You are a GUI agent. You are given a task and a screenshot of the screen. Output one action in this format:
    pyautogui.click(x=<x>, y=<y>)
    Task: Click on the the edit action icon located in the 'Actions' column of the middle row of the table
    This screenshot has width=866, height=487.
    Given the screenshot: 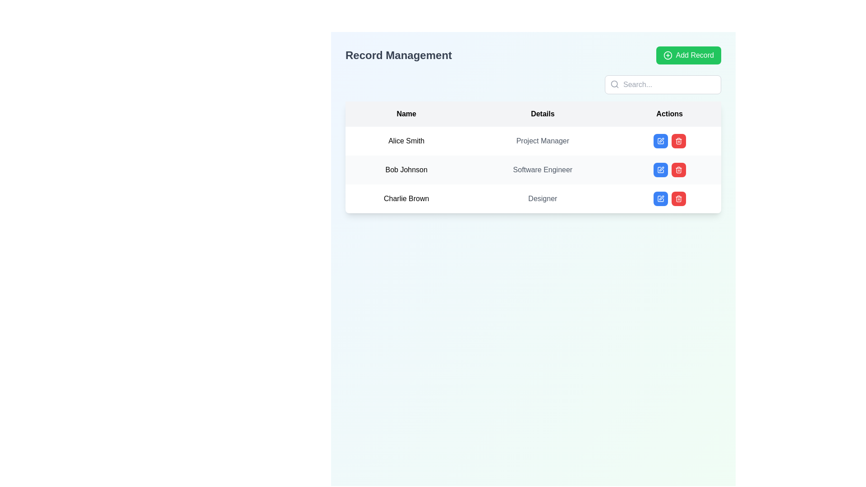 What is the action you would take?
    pyautogui.click(x=661, y=140)
    